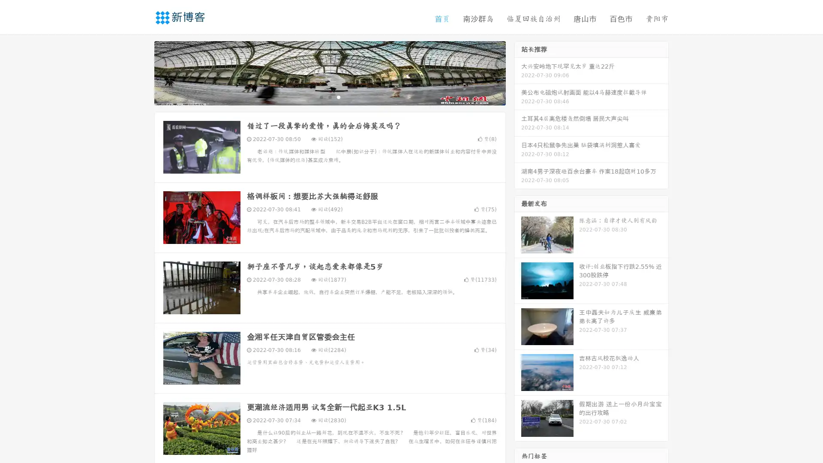 The image size is (823, 463). Describe the element at coordinates (338, 96) in the screenshot. I see `Go to slide 3` at that location.